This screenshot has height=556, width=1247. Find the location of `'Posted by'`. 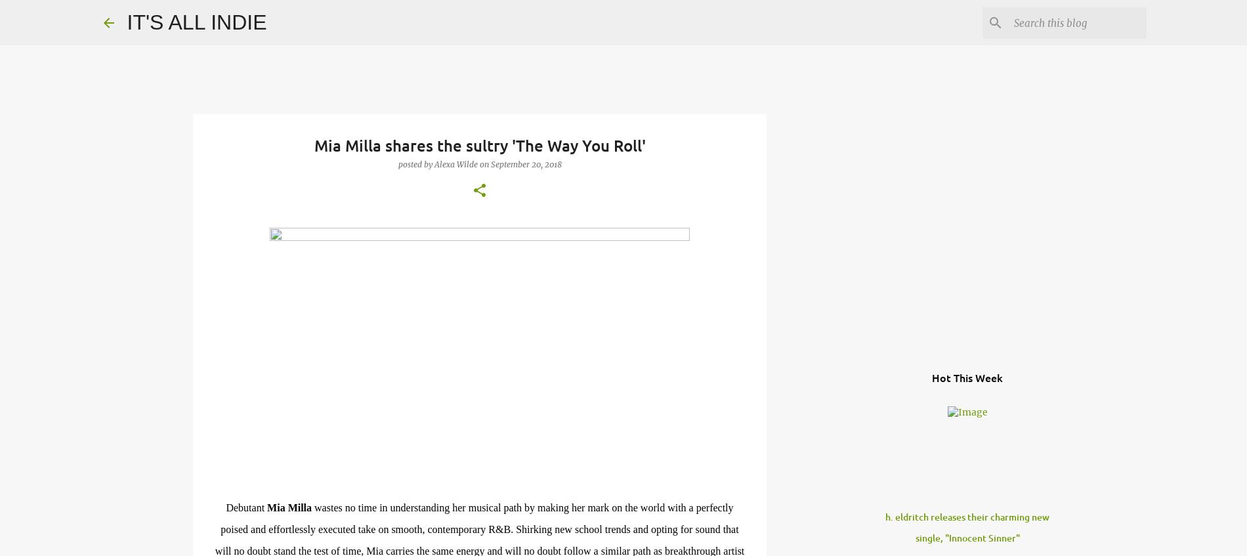

'Posted by' is located at coordinates (415, 163).